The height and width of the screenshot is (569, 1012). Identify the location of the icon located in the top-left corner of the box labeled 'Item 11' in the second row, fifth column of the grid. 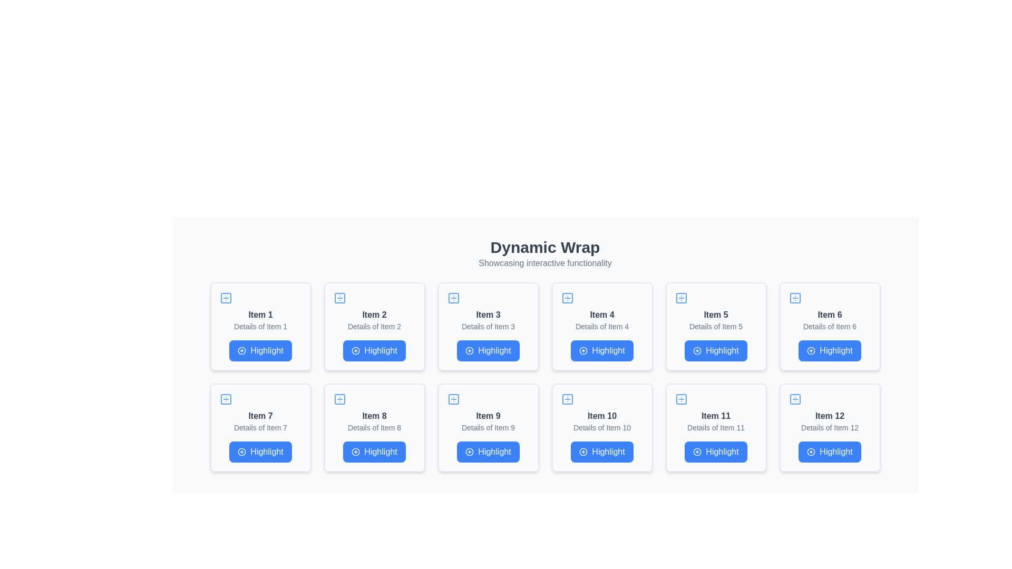
(681, 399).